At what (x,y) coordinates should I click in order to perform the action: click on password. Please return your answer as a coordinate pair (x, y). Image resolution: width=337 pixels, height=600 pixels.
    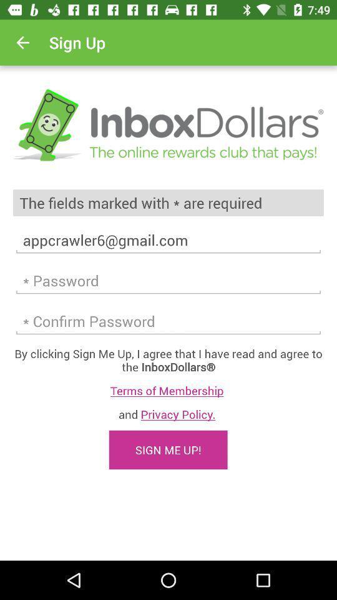
    Looking at the image, I should click on (168, 281).